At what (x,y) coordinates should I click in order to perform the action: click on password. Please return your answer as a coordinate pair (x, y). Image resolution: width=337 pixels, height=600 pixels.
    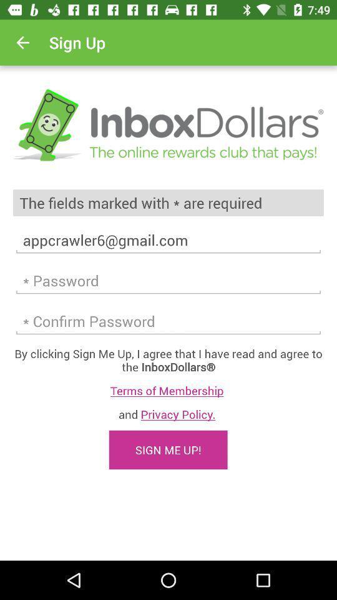
    Looking at the image, I should click on (168, 281).